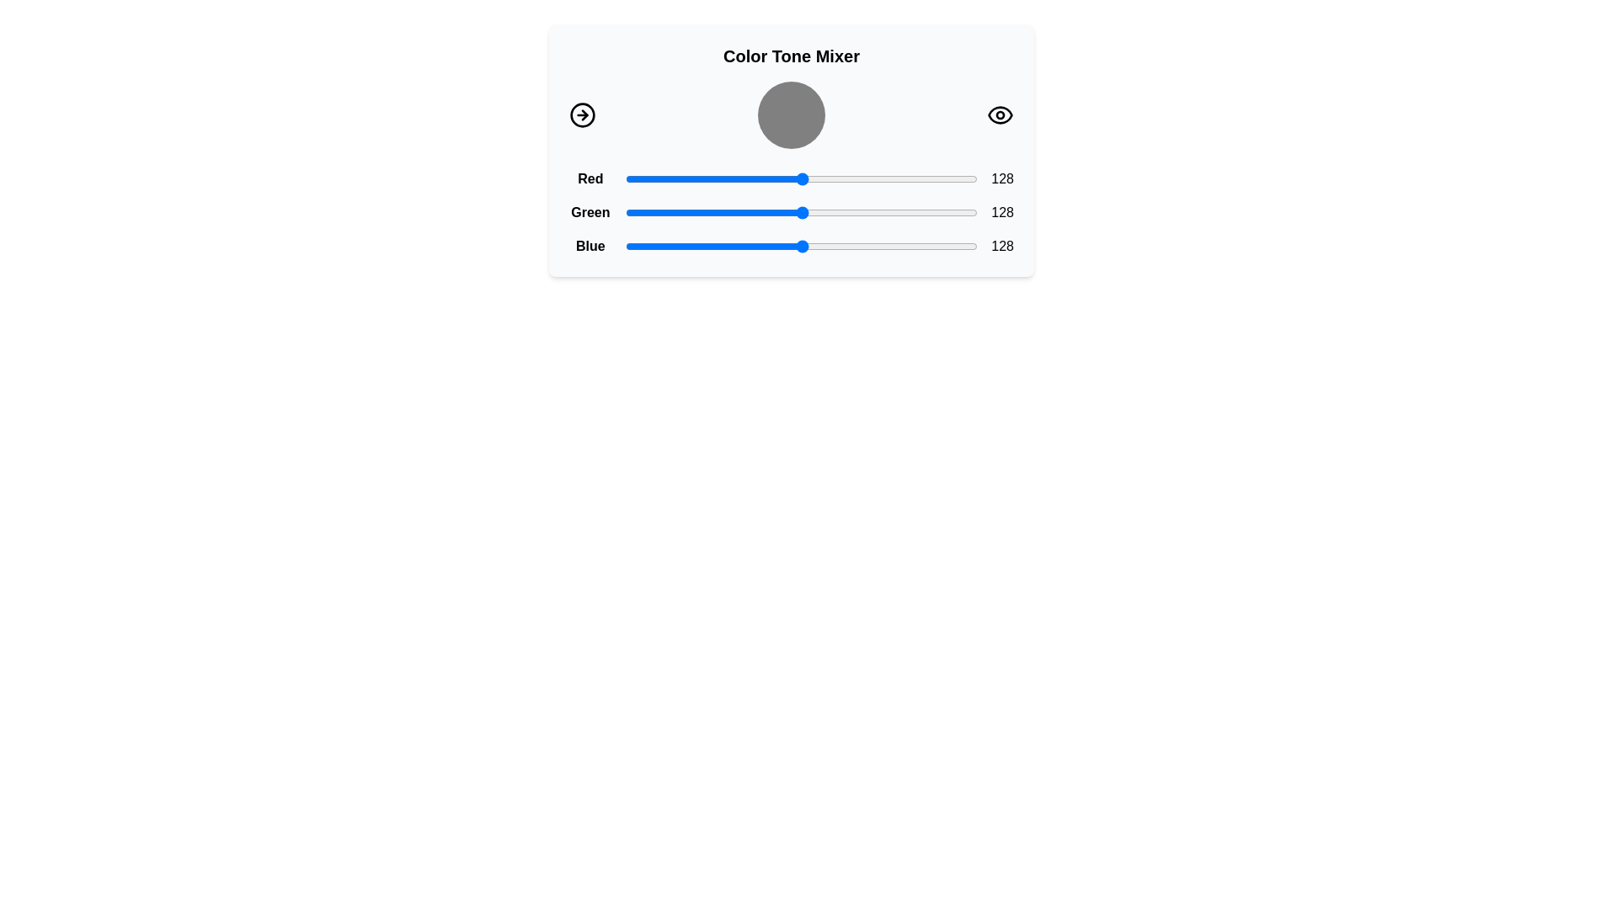 This screenshot has width=1617, height=909. I want to click on to select the thumb of the horizontal slider for adjusting the 'Red' intensity value in the color selection interface, positioned below the 'Red' label and to the left of the numeric label '128', so click(800, 178).